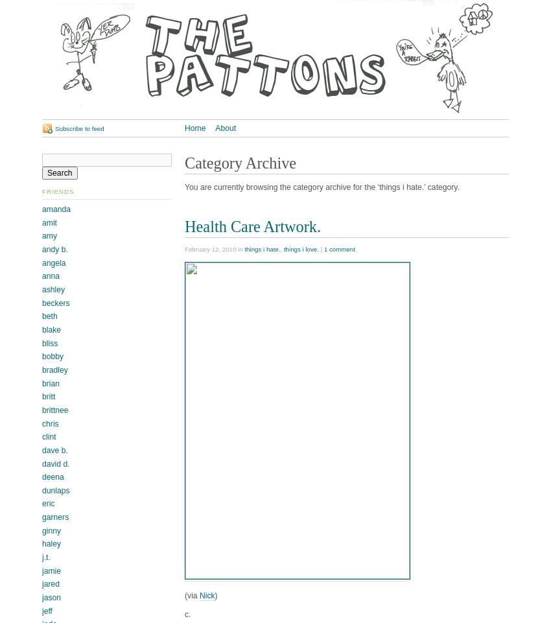 The image size is (551, 623). What do you see at coordinates (252, 225) in the screenshot?
I see `'Health Care Artwork.'` at bounding box center [252, 225].